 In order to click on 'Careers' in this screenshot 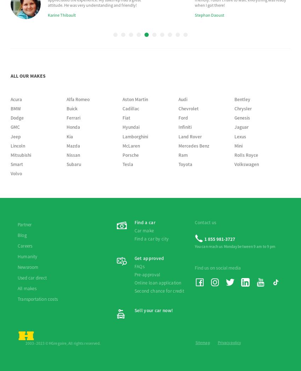, I will do `click(25, 111)`.